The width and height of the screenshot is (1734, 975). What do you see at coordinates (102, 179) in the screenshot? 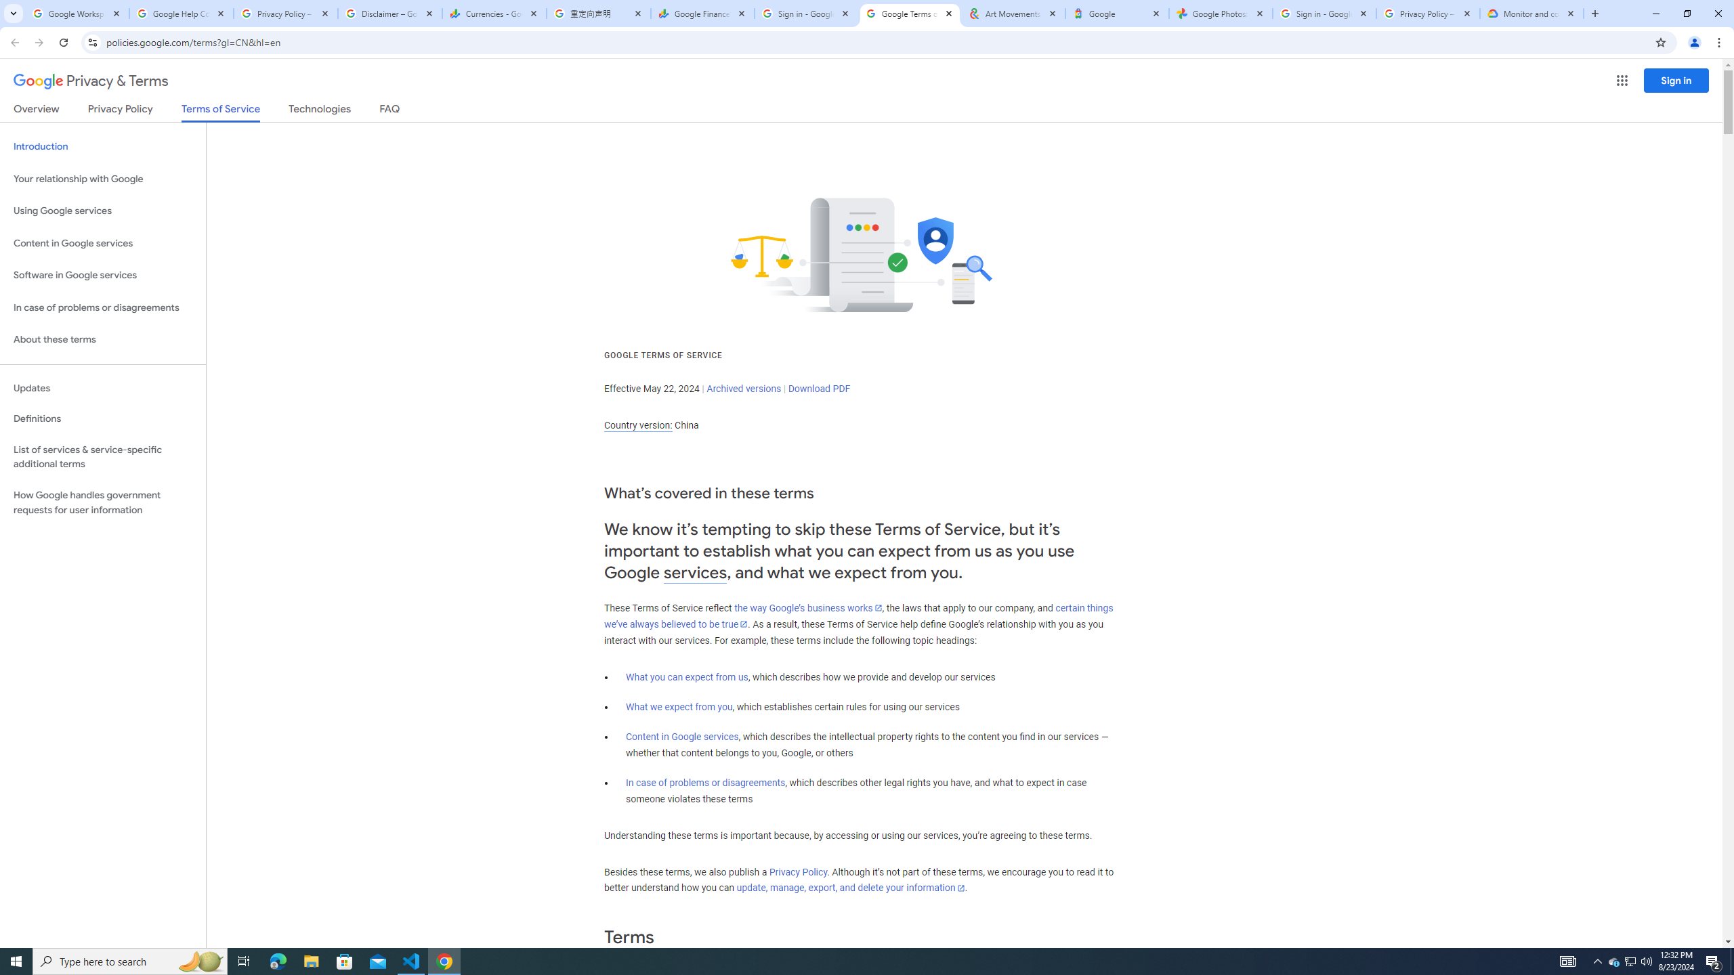
I see `'Your relationship with Google'` at bounding box center [102, 179].